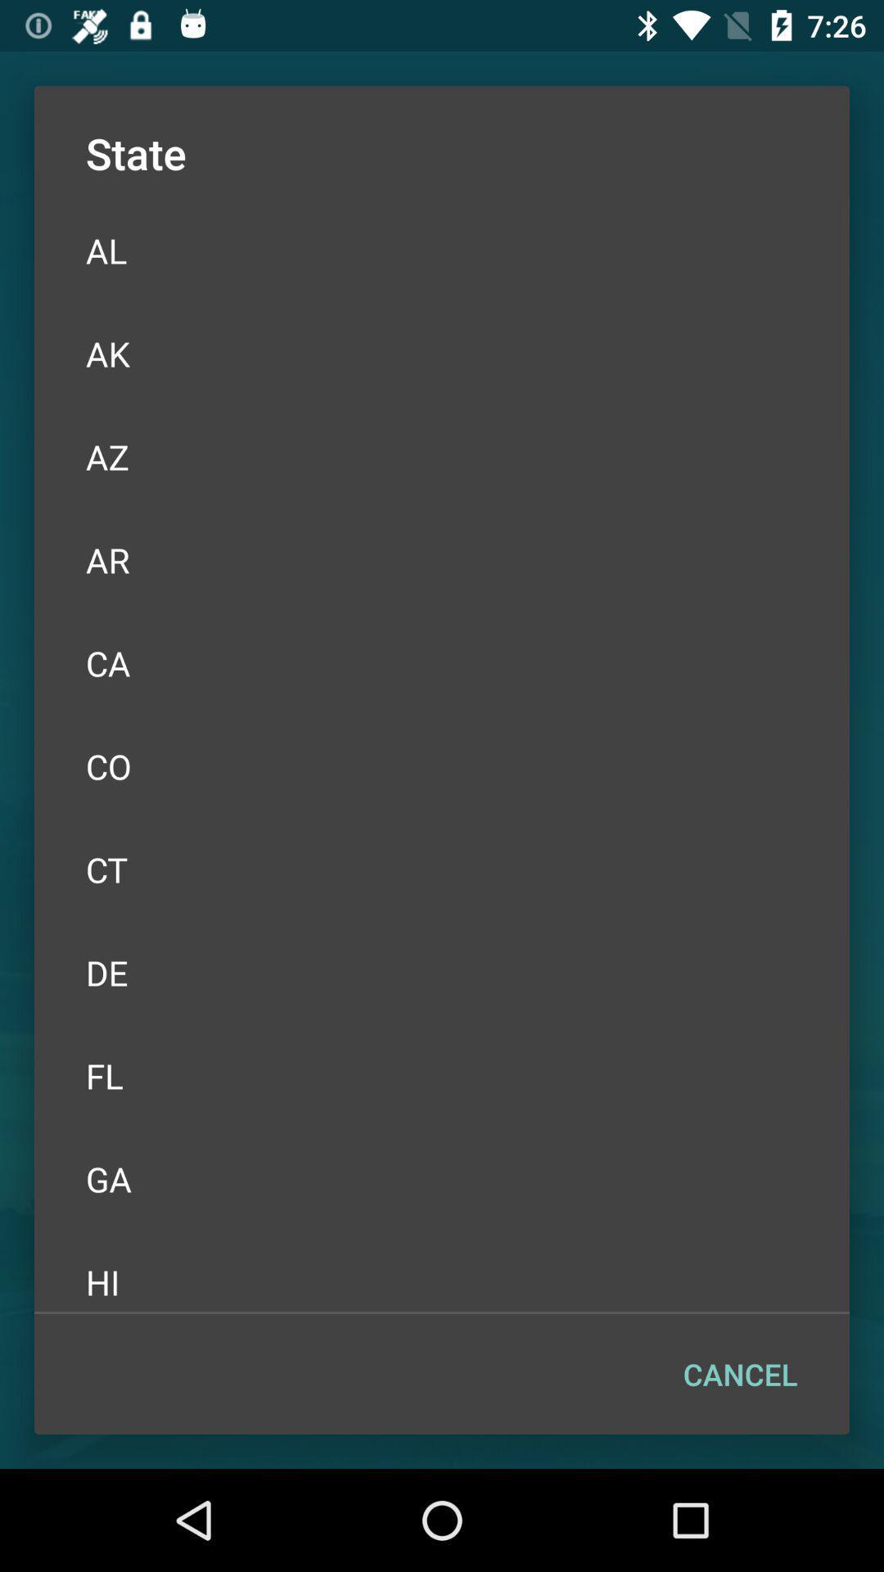  What do you see at coordinates (442, 766) in the screenshot?
I see `icon above ct icon` at bounding box center [442, 766].